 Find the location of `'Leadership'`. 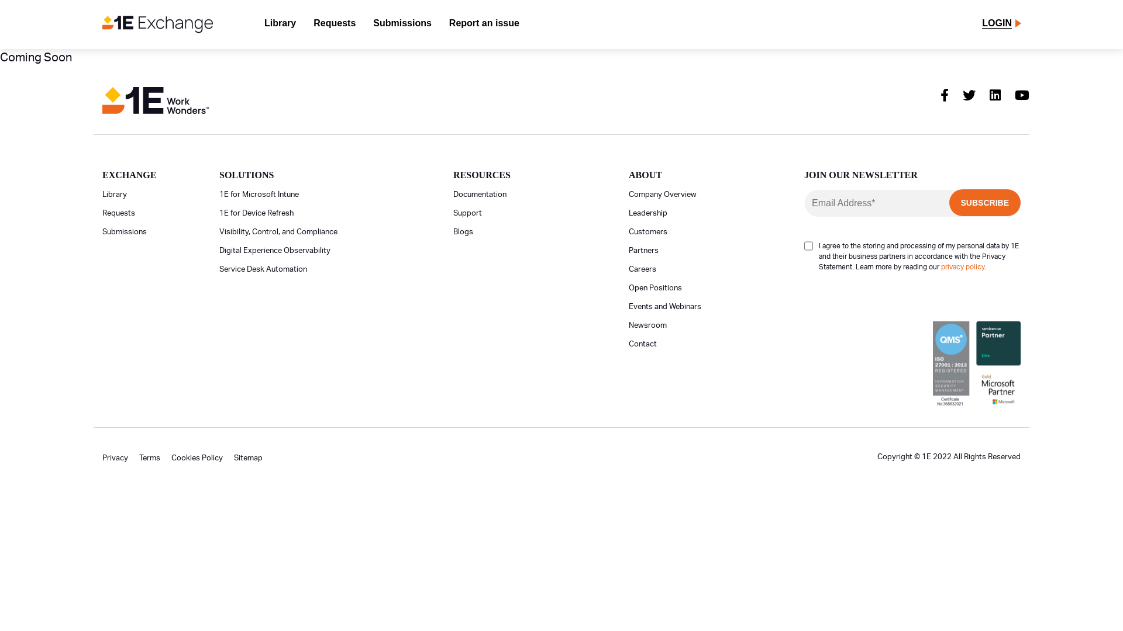

'Leadership' is located at coordinates (647, 213).